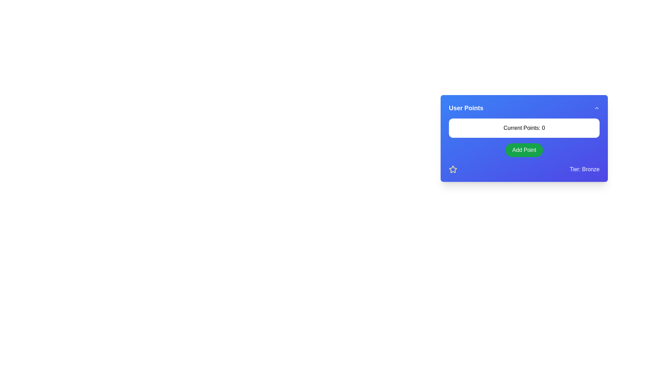  What do you see at coordinates (584, 169) in the screenshot?
I see `the text label displaying the user's tier level 'Bronze', located at the bottom-right corner of the blue card interface` at bounding box center [584, 169].